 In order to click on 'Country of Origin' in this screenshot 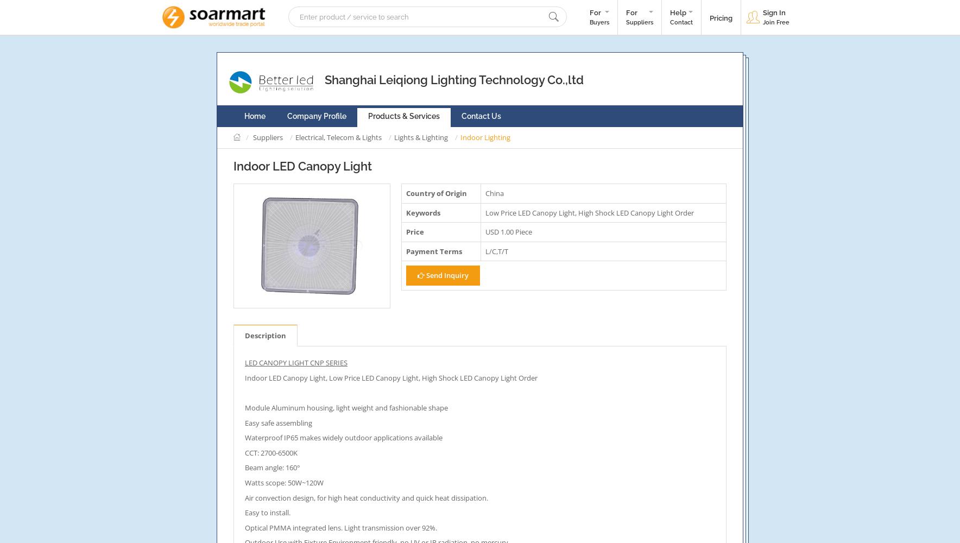, I will do `click(437, 193)`.